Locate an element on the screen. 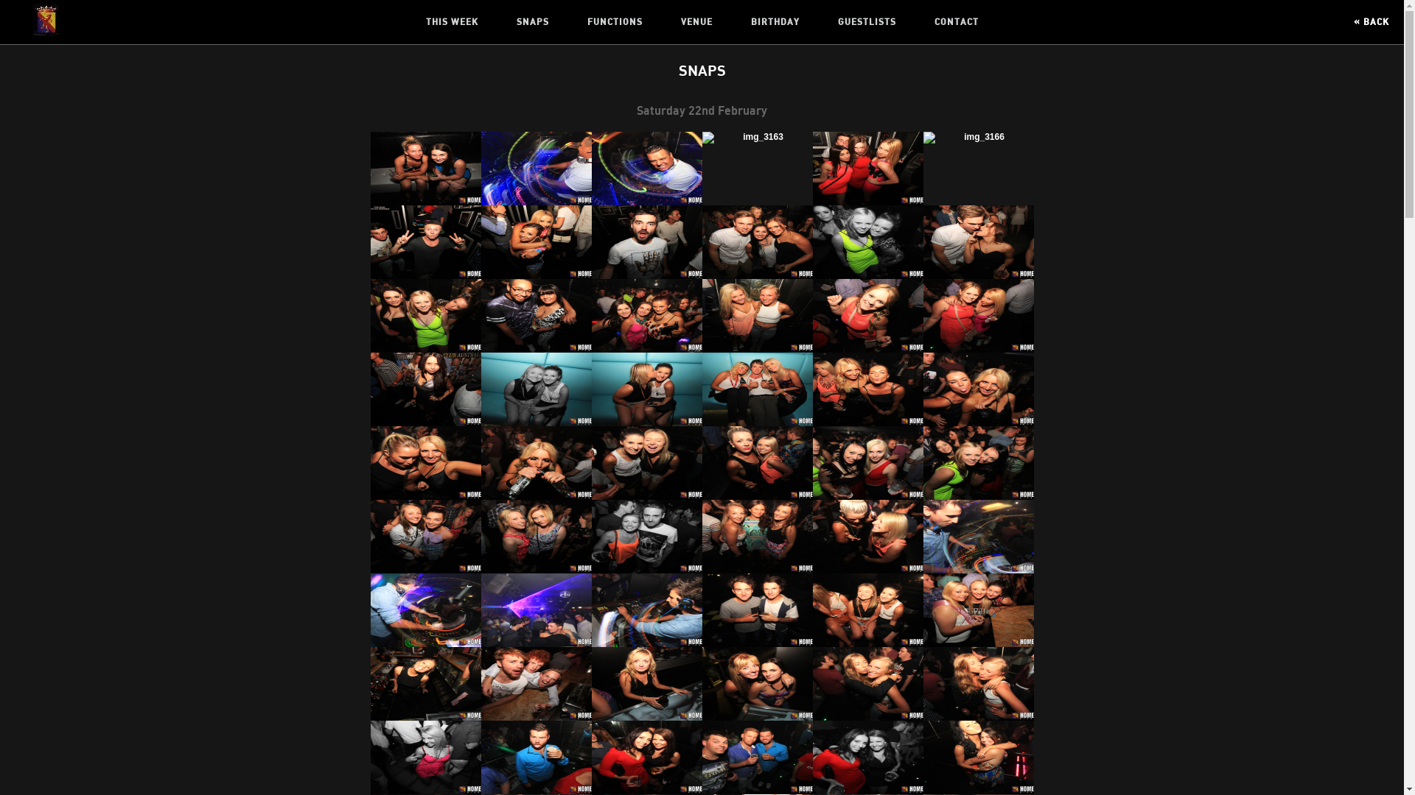 The height and width of the screenshot is (795, 1415). ' ' is located at coordinates (534, 241).